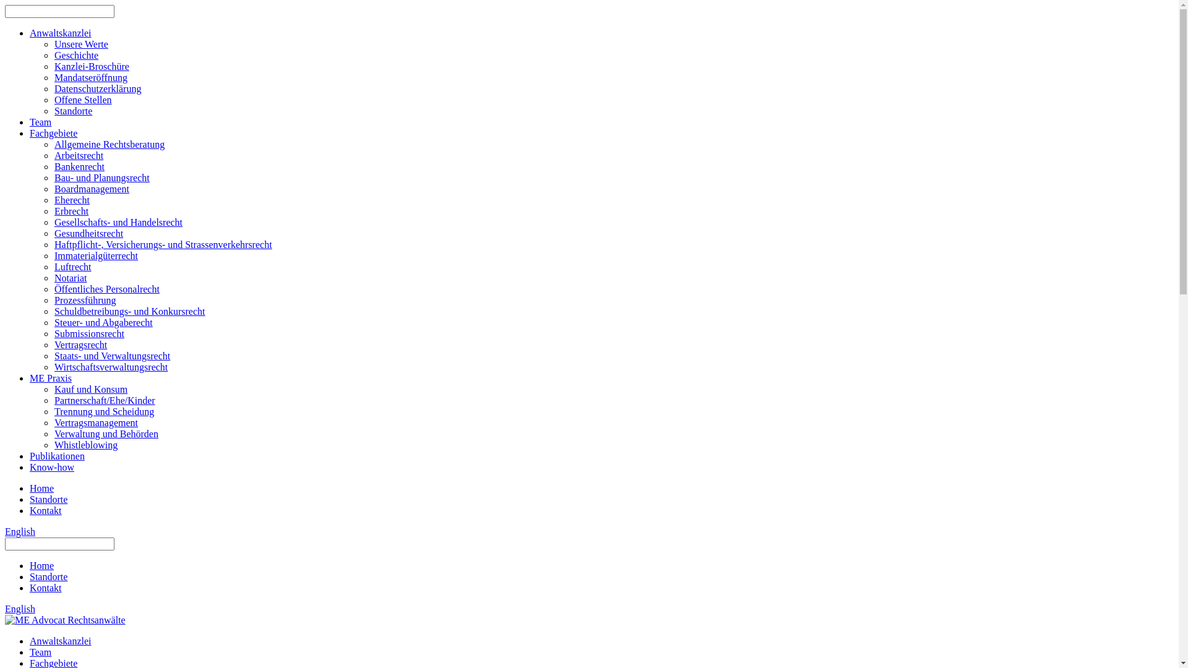 The image size is (1188, 668). What do you see at coordinates (59, 32) in the screenshot?
I see `'Anwaltskanzlei'` at bounding box center [59, 32].